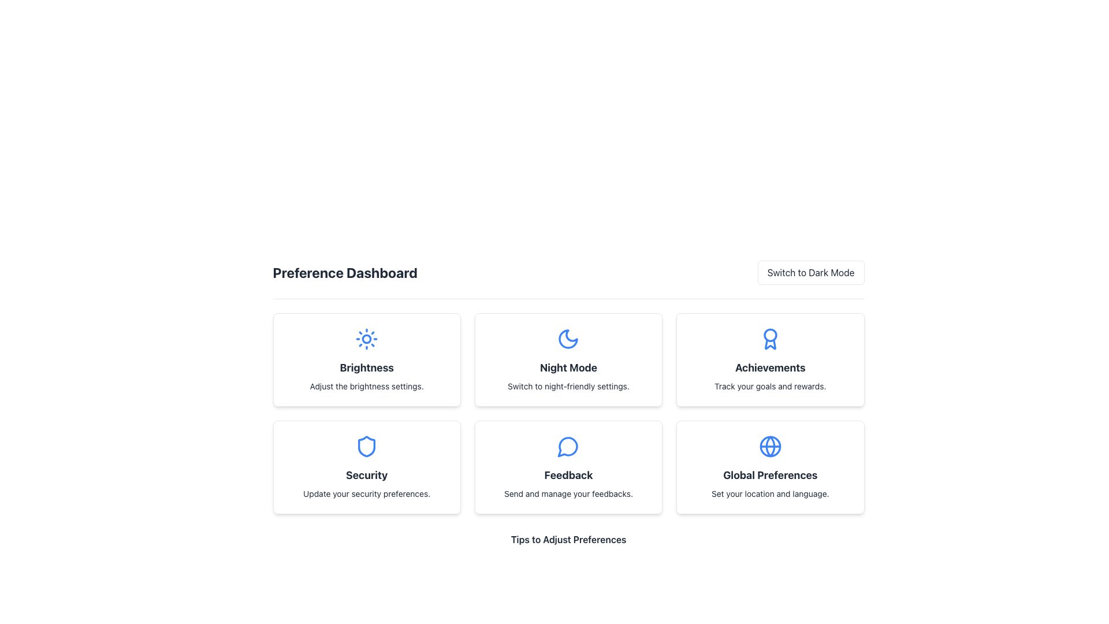  I want to click on text label that reads 'Send and manage your feedbacks.' located in the Feedback section below the title and message icon, so click(568, 494).